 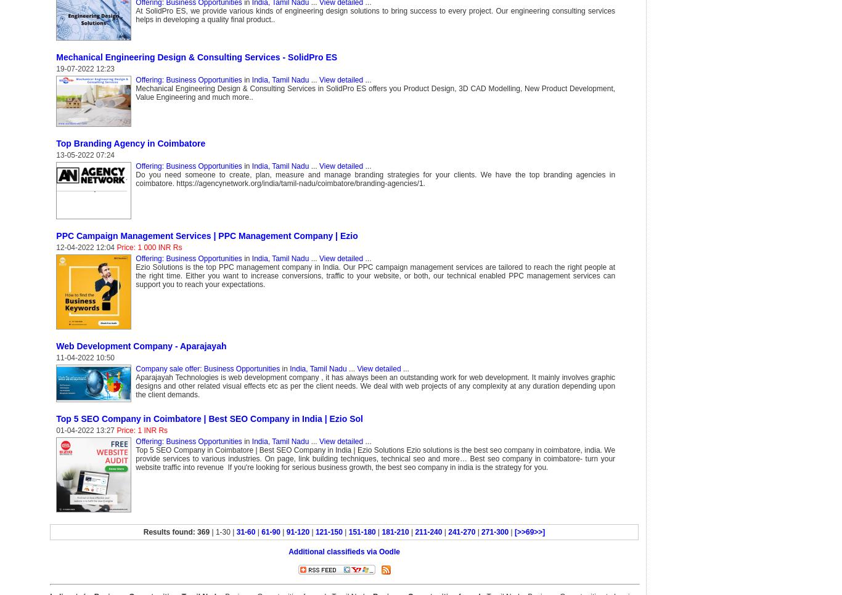 I want to click on '61-90', so click(x=270, y=531).